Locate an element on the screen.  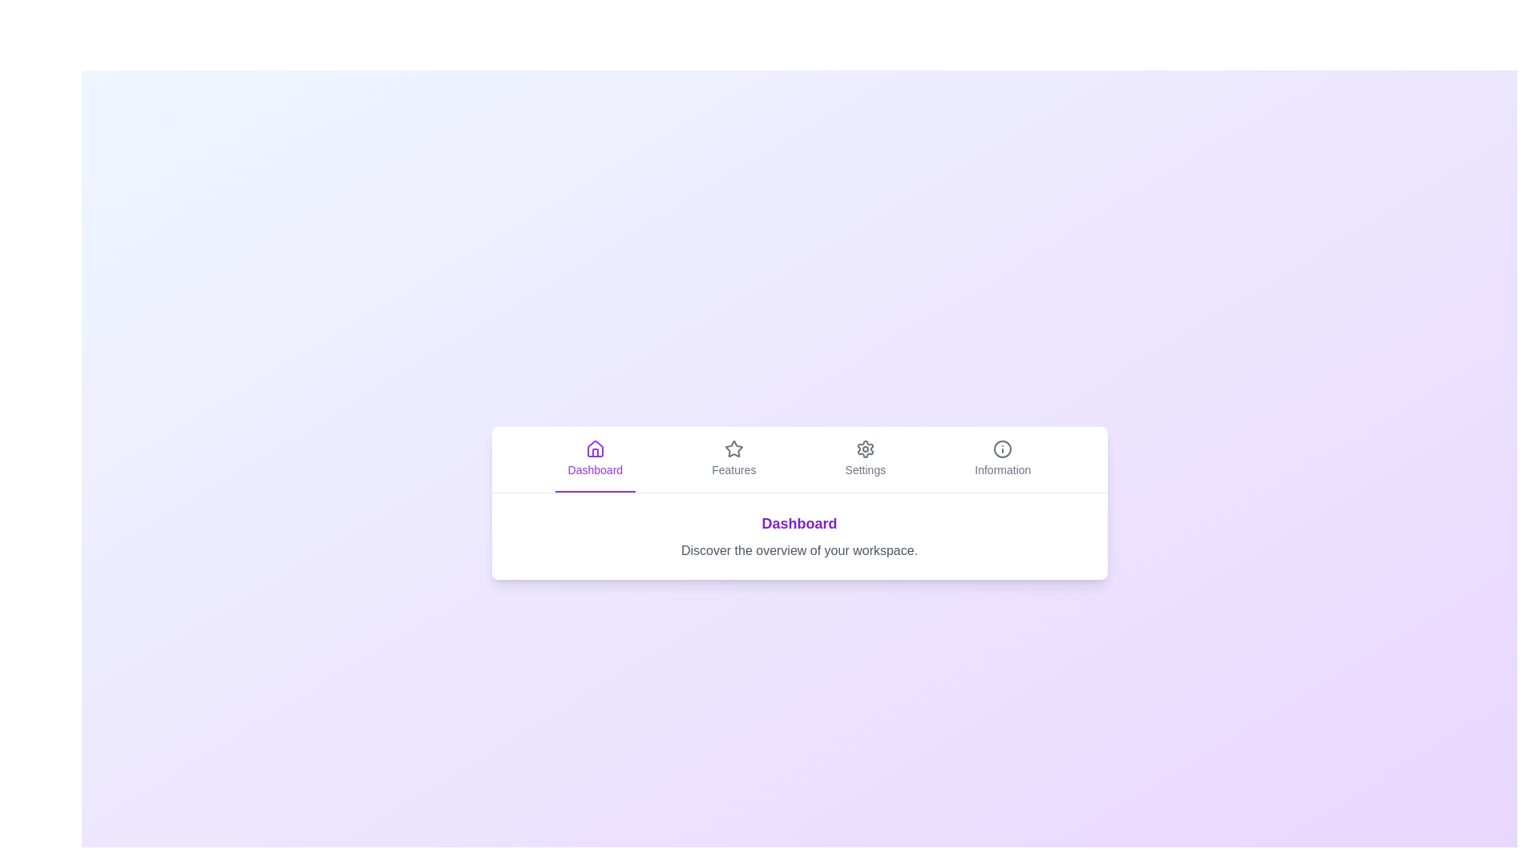
the icon associated with the Dashboard tab is located at coordinates (594, 449).